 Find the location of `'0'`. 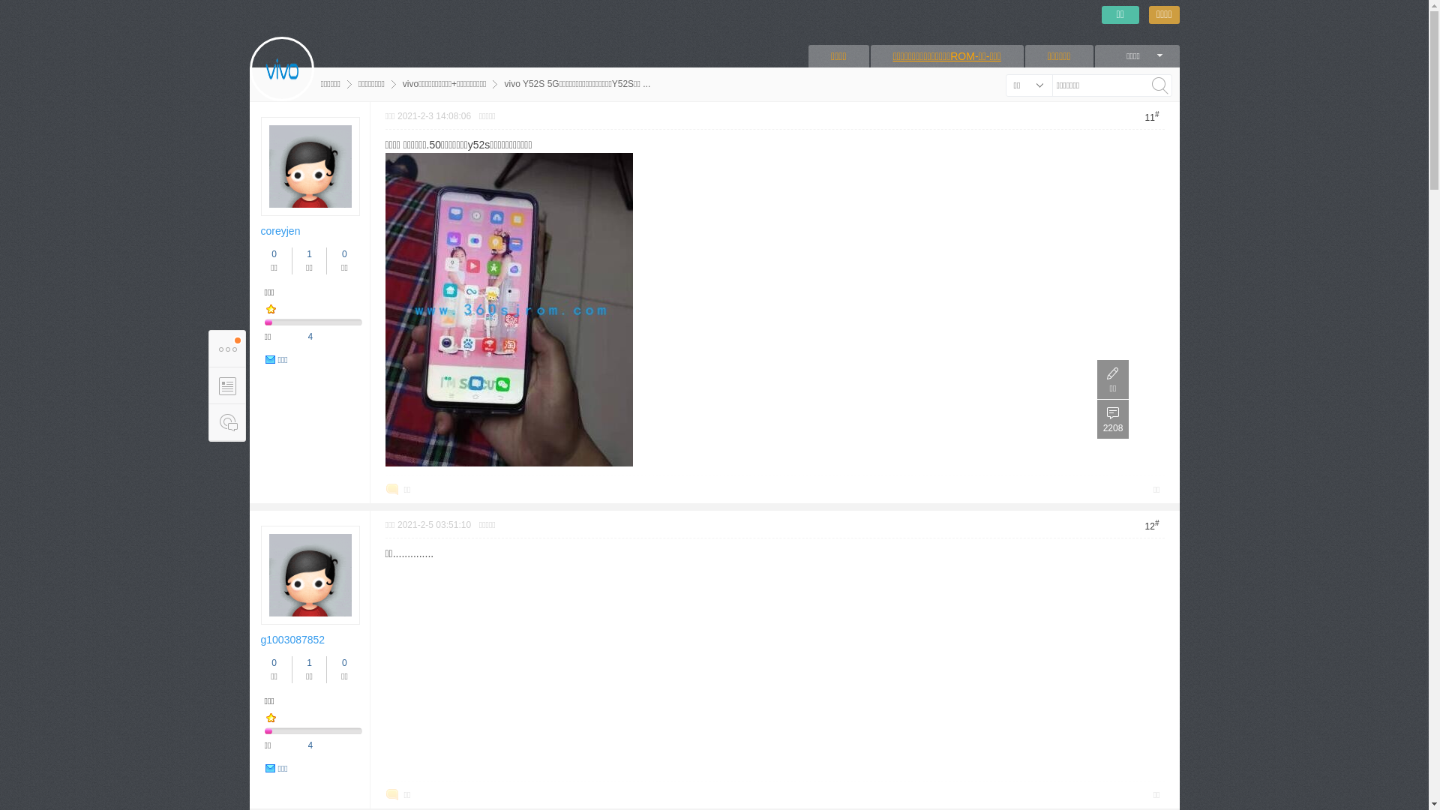

'0' is located at coordinates (274, 253).